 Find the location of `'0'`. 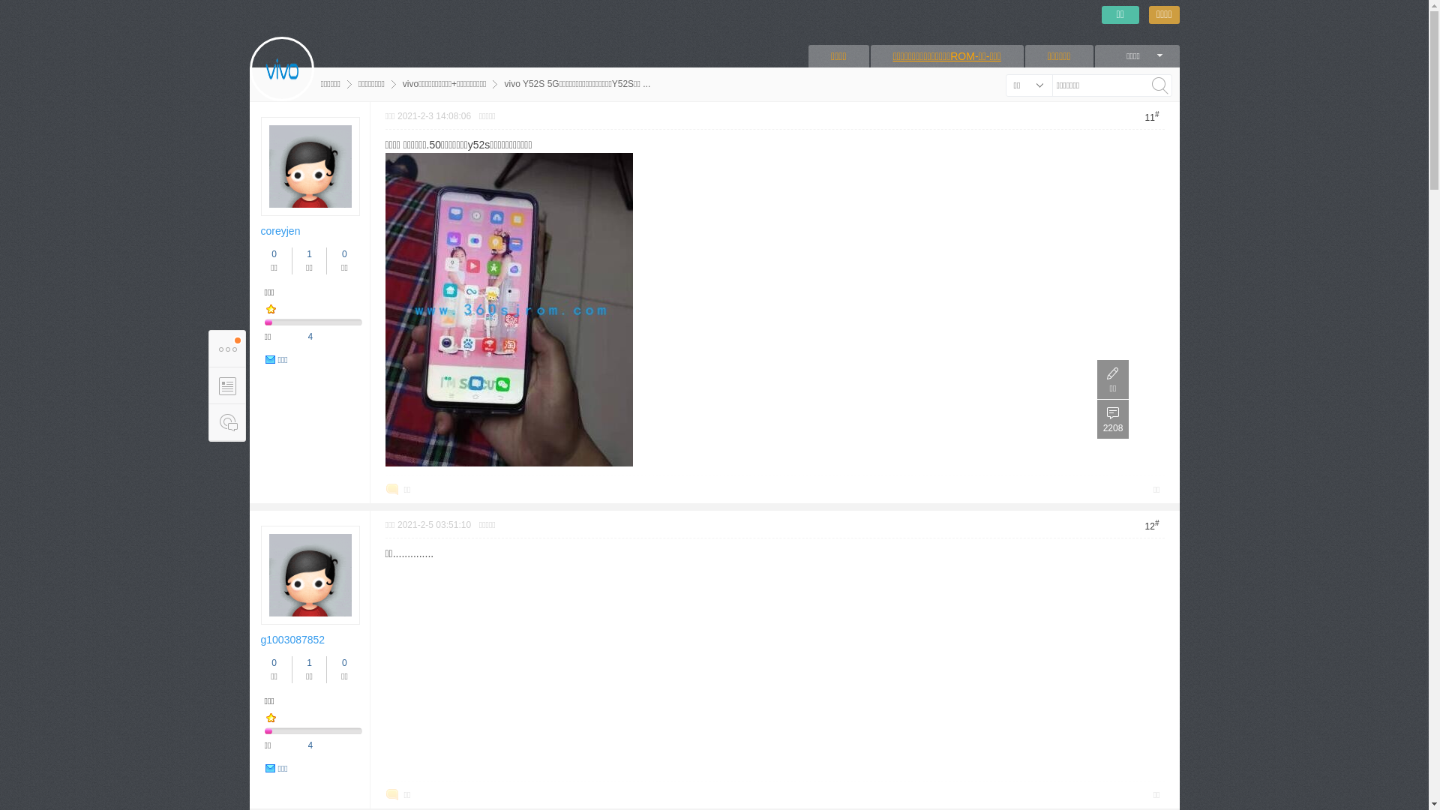

'0' is located at coordinates (274, 253).